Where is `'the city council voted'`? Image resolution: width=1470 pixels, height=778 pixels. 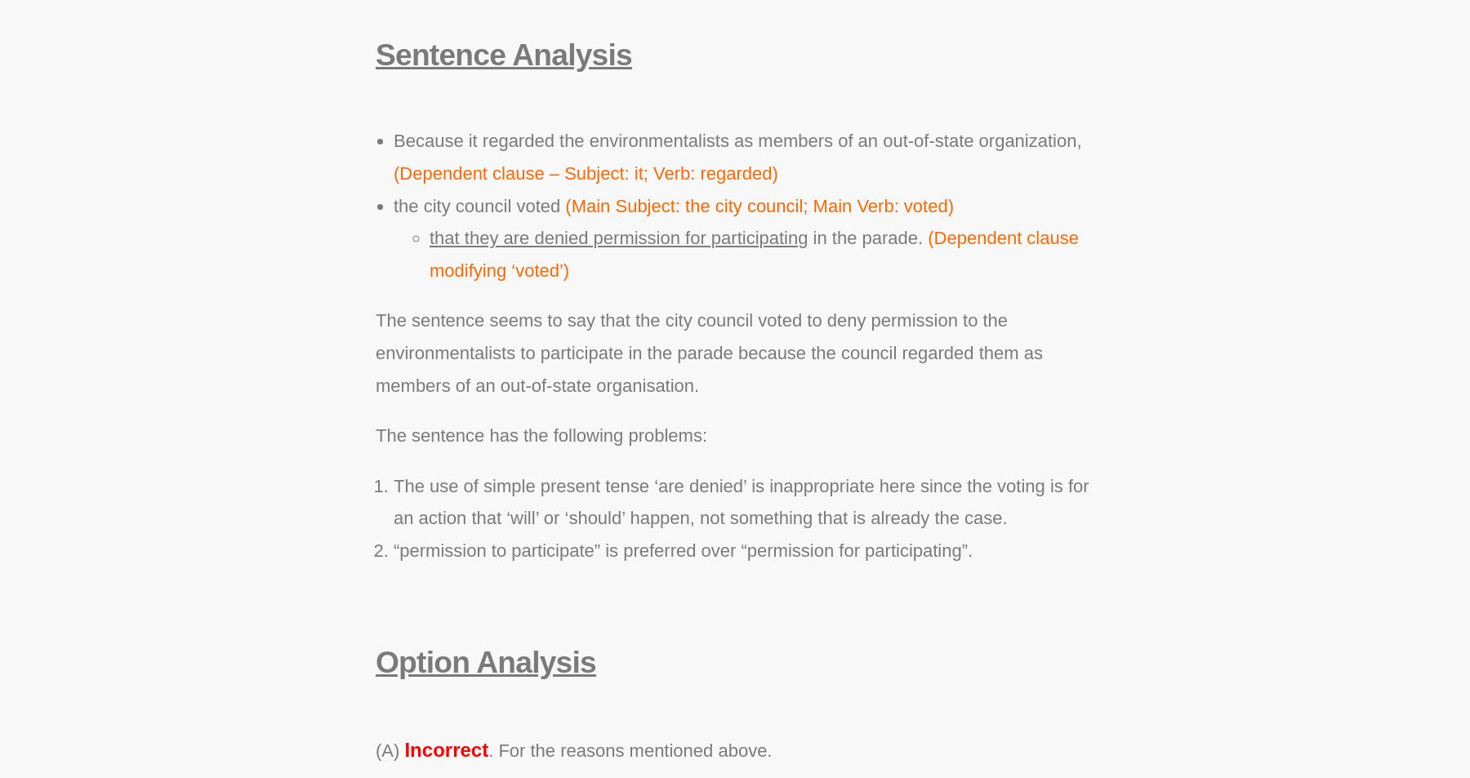
'the city council voted' is located at coordinates (479, 204).